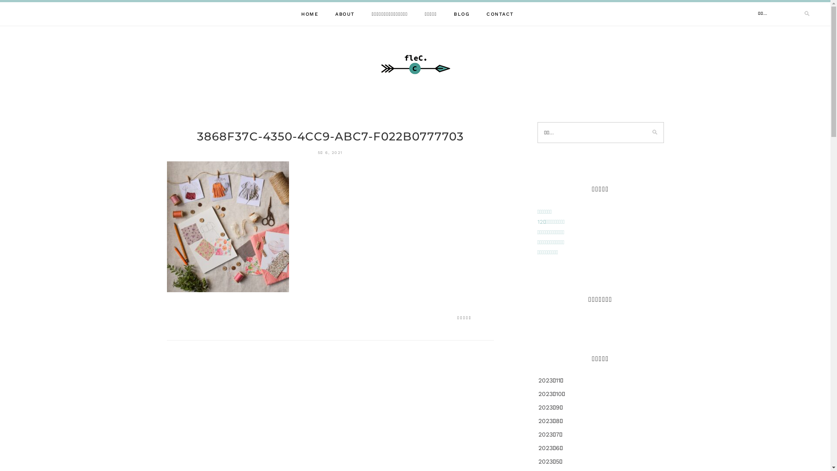  Describe the element at coordinates (344, 14) in the screenshot. I see `'ABOUT'` at that location.